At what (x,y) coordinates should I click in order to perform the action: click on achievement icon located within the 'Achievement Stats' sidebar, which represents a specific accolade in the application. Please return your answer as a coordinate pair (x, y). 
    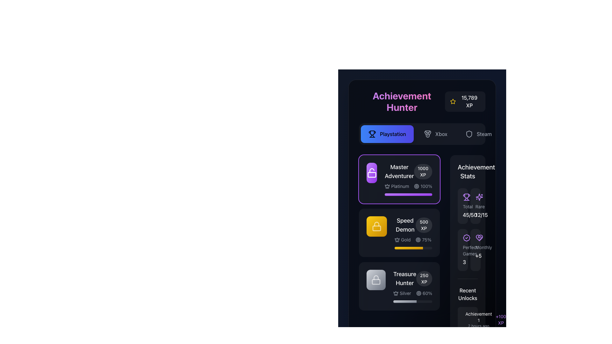
    Looking at the image, I should click on (467, 238).